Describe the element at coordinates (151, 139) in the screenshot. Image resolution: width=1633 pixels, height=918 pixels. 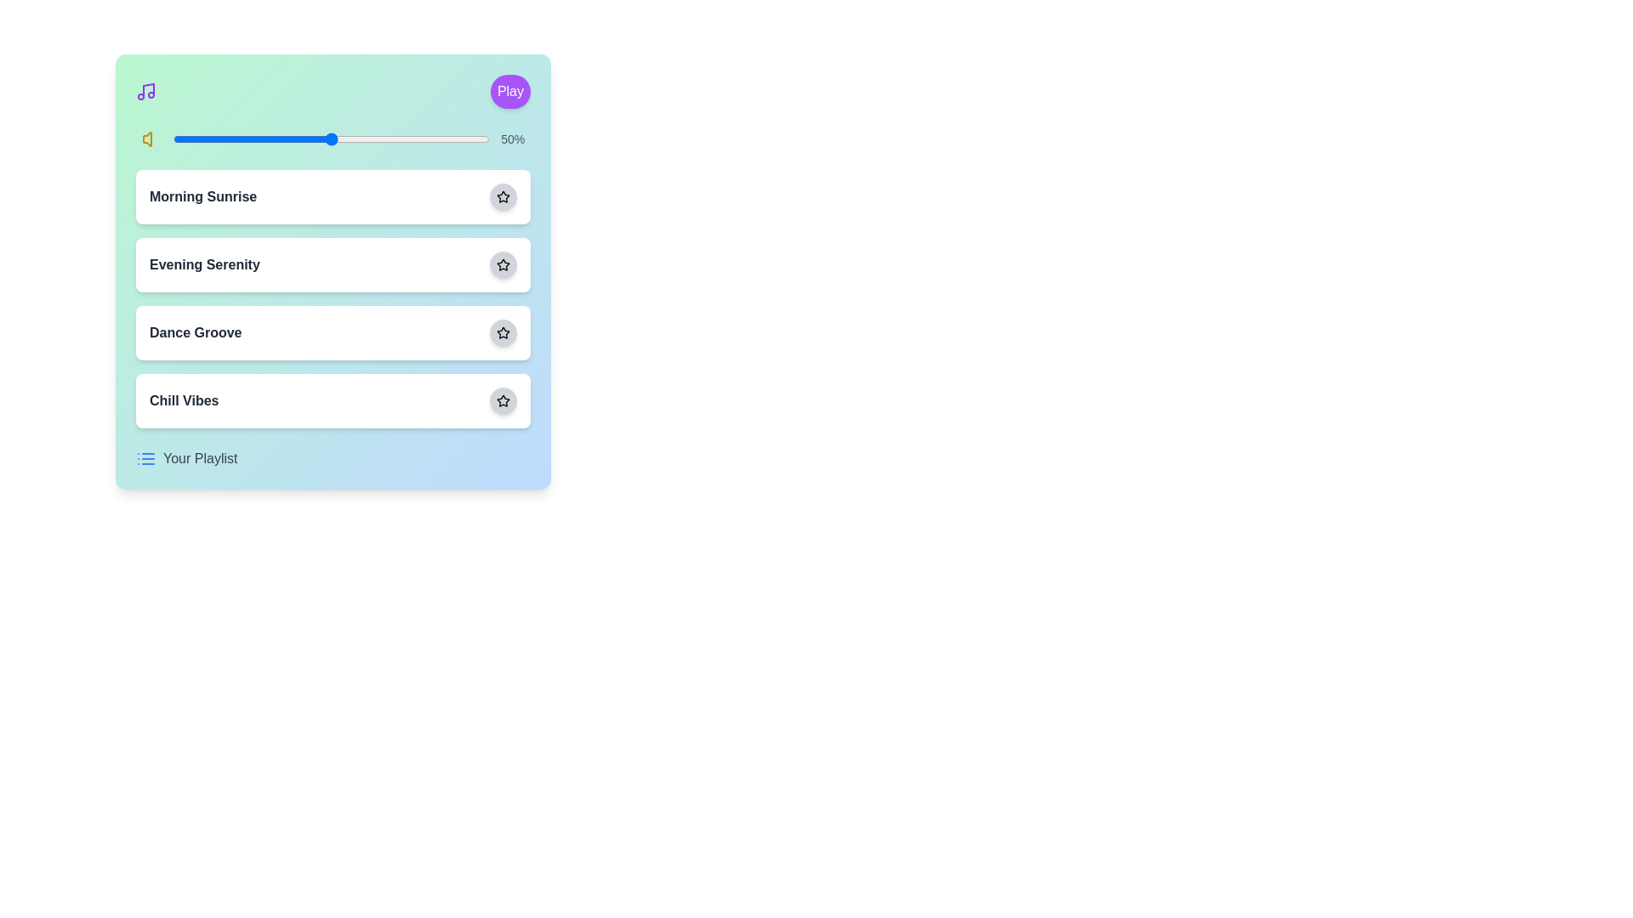
I see `the sound or volume icon located to the left of the horizontal slider and the text '50%'` at that location.